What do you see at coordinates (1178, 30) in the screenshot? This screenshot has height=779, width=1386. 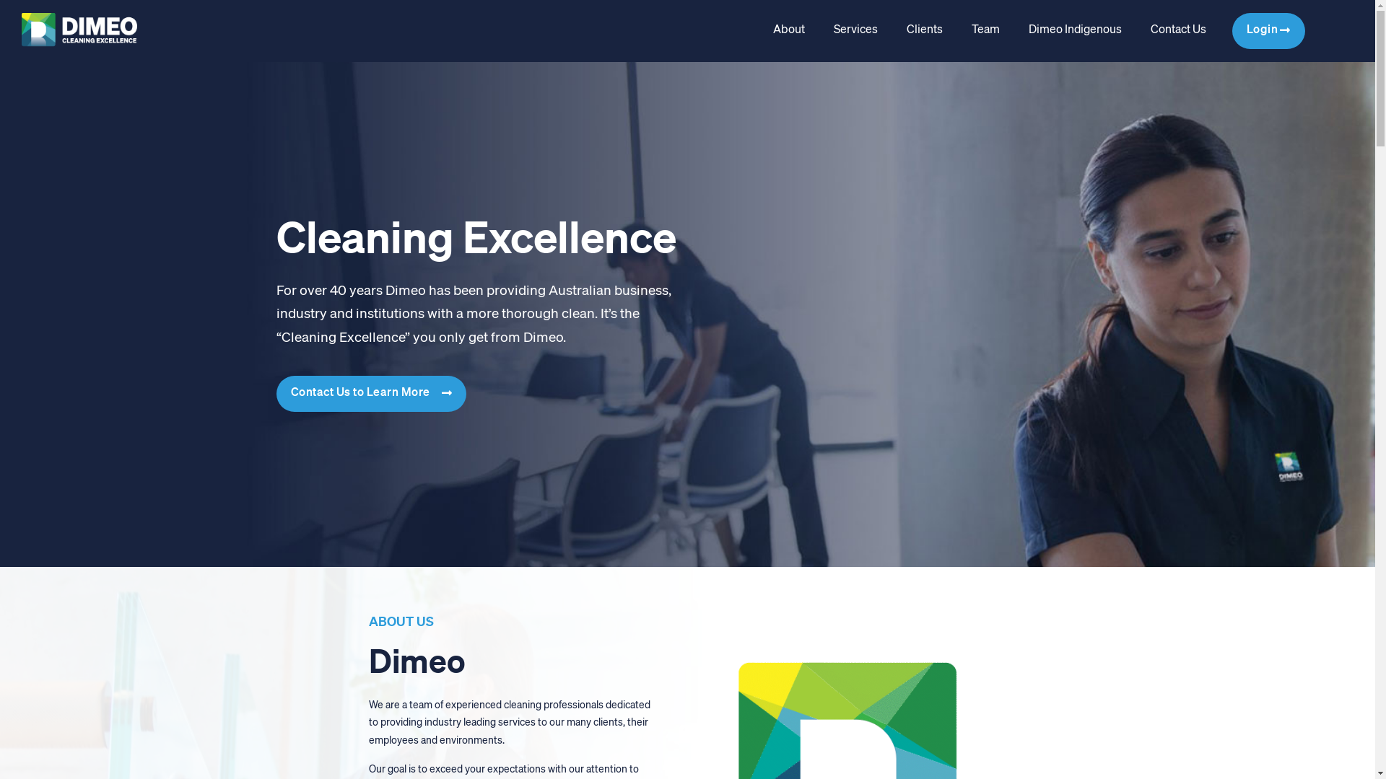 I see `'Contact Us'` at bounding box center [1178, 30].